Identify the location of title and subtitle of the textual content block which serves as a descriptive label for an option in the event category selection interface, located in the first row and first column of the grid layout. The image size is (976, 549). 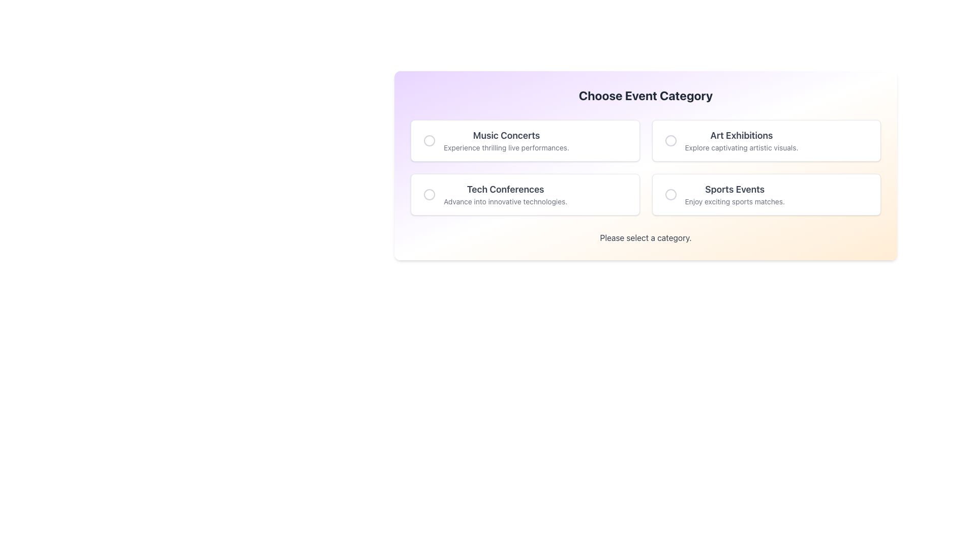
(506, 141).